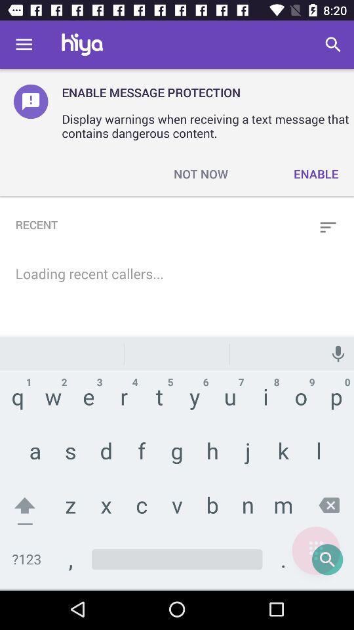 This screenshot has width=354, height=630. Describe the element at coordinates (315, 551) in the screenshot. I see `the search icon` at that location.